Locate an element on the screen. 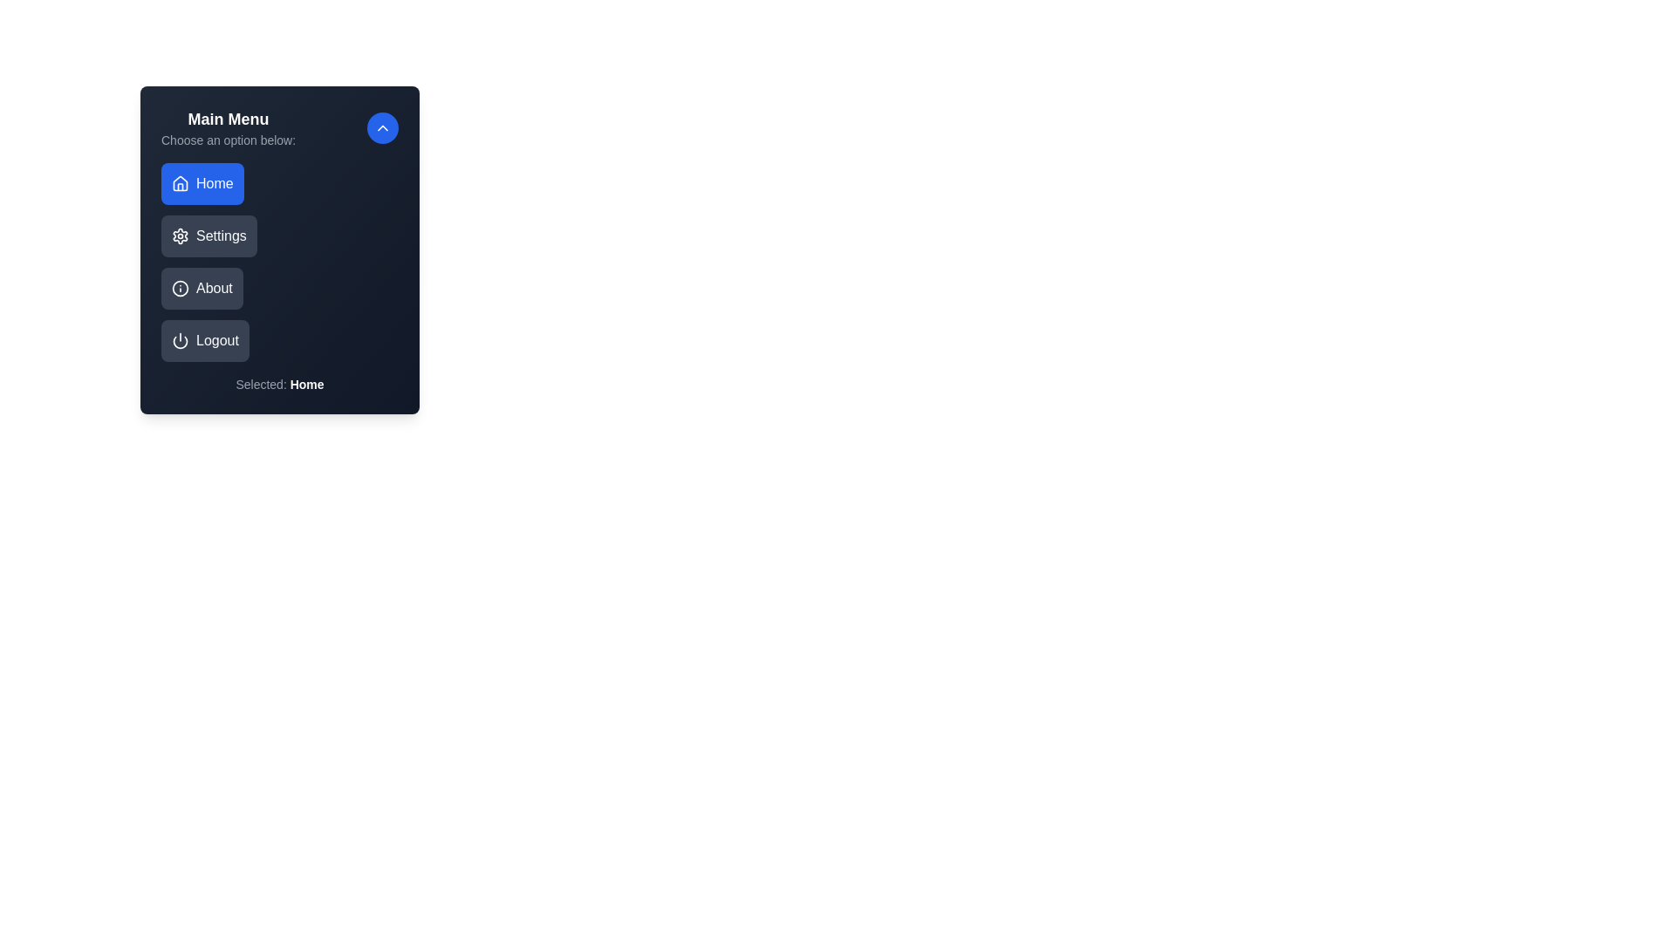  text block displaying 'Main Menu' and 'Choose an option below:' which is positioned at the upper section of the panel, left of the upward-pointing arrow button is located at coordinates (228, 126).